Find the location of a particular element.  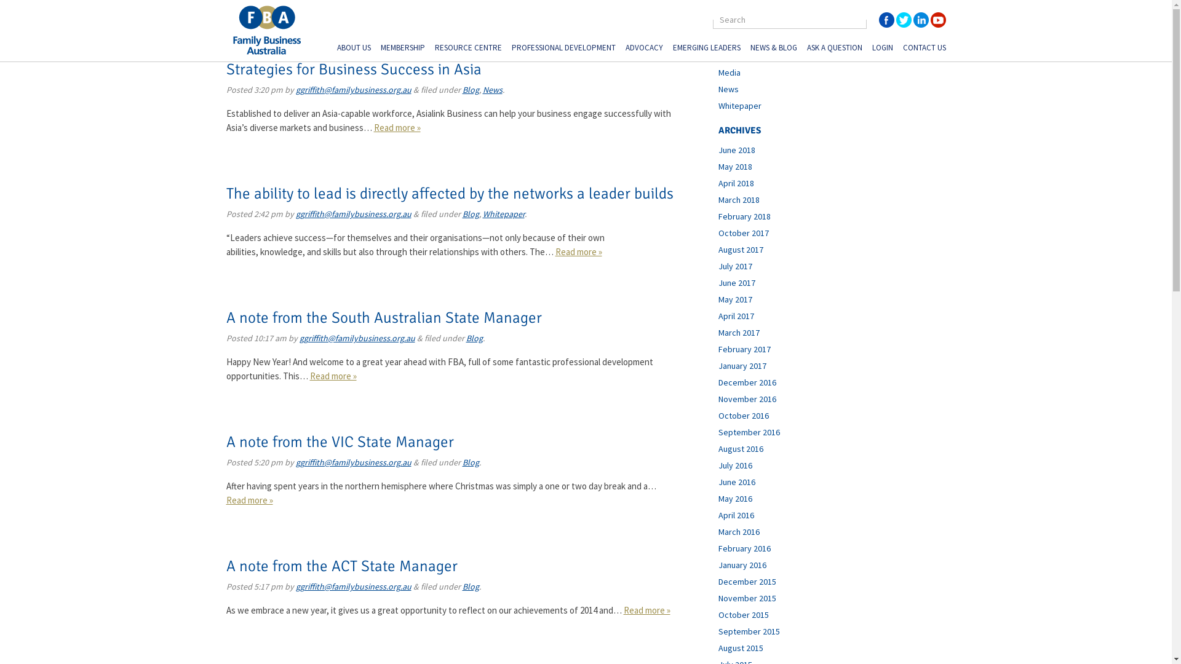

'January 2016' is located at coordinates (741, 564).